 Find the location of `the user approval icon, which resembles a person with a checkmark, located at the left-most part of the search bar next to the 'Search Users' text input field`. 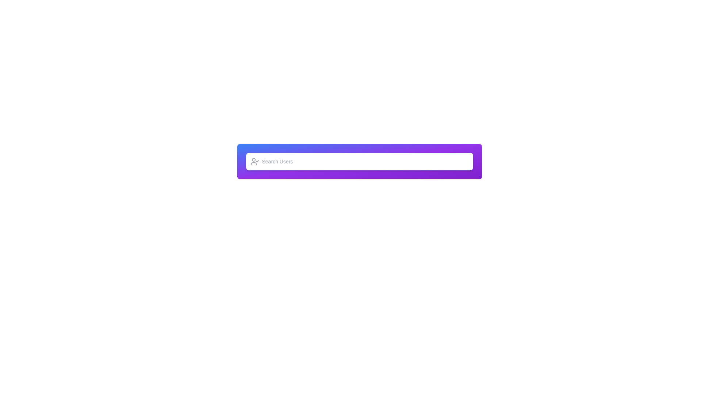

the user approval icon, which resembles a person with a checkmark, located at the left-most part of the search bar next to the 'Search Users' text input field is located at coordinates (254, 161).